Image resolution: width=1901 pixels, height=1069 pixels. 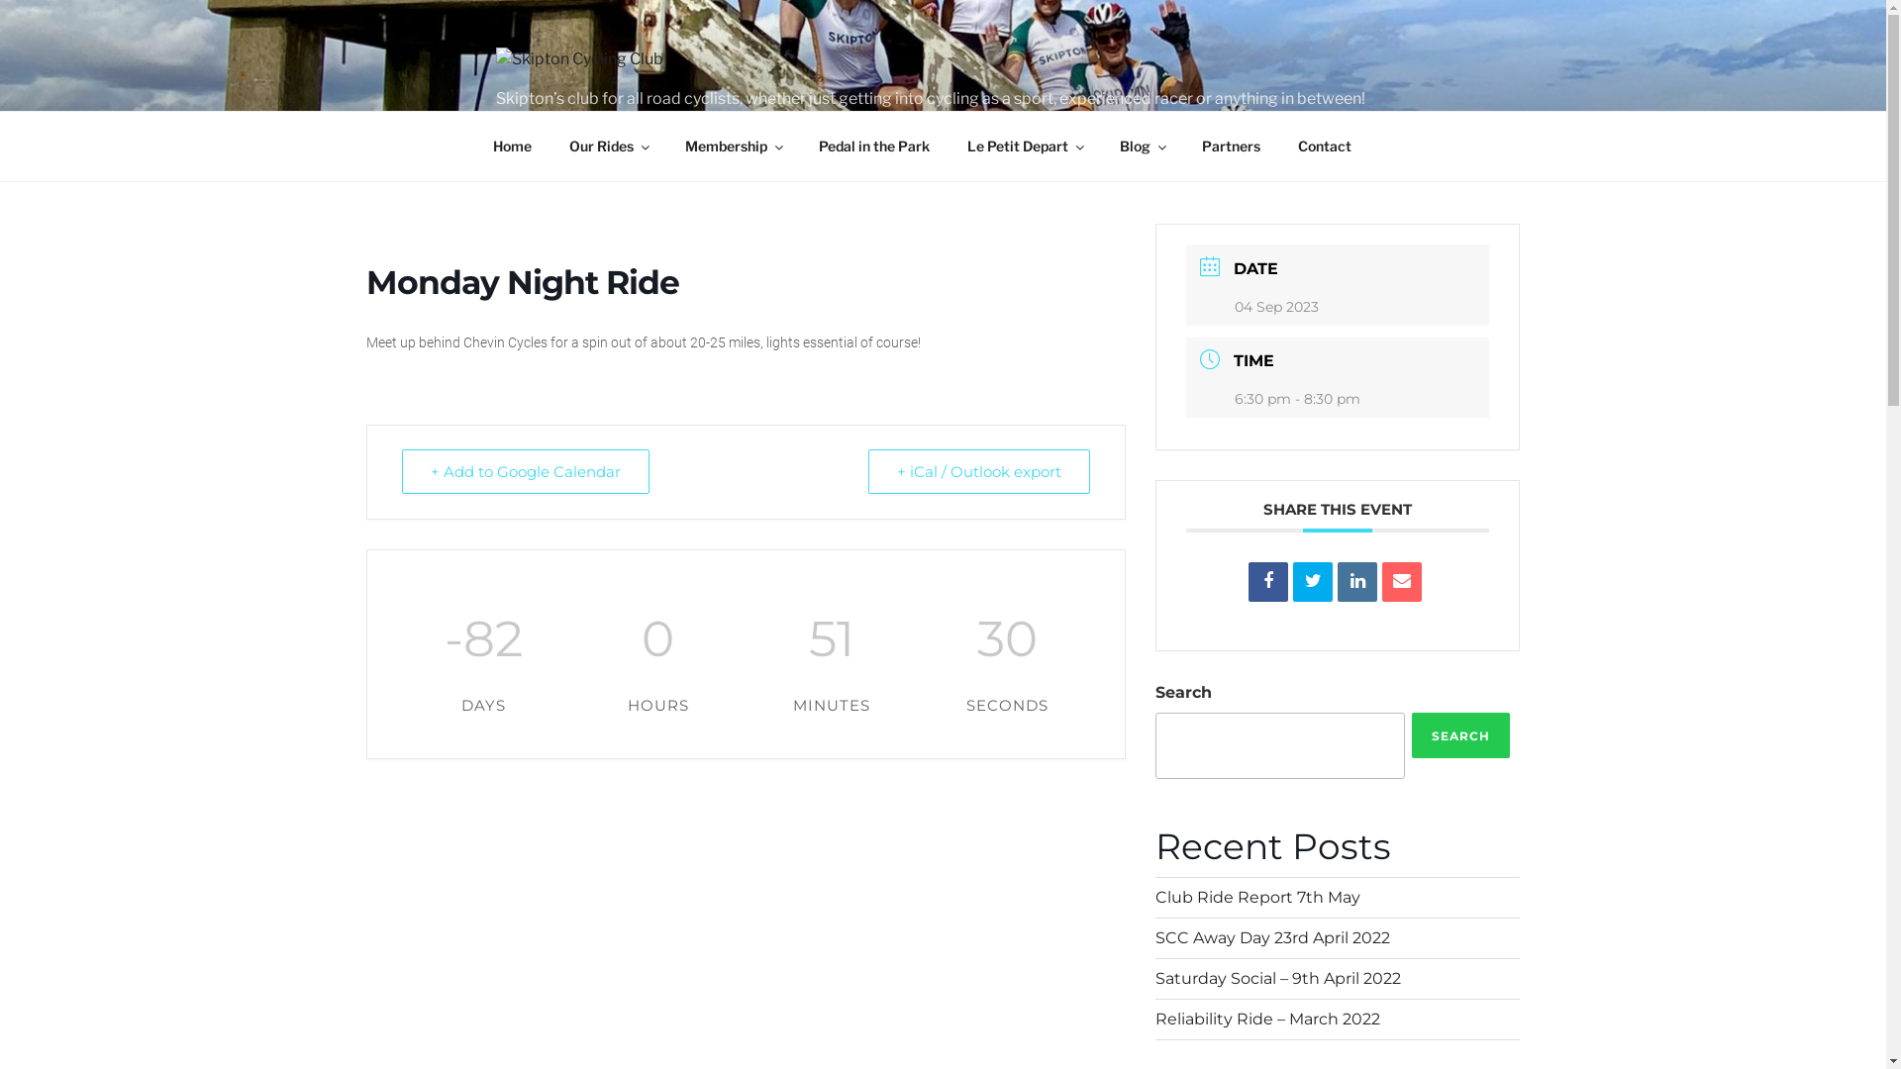 What do you see at coordinates (731, 145) in the screenshot?
I see `'Membership'` at bounding box center [731, 145].